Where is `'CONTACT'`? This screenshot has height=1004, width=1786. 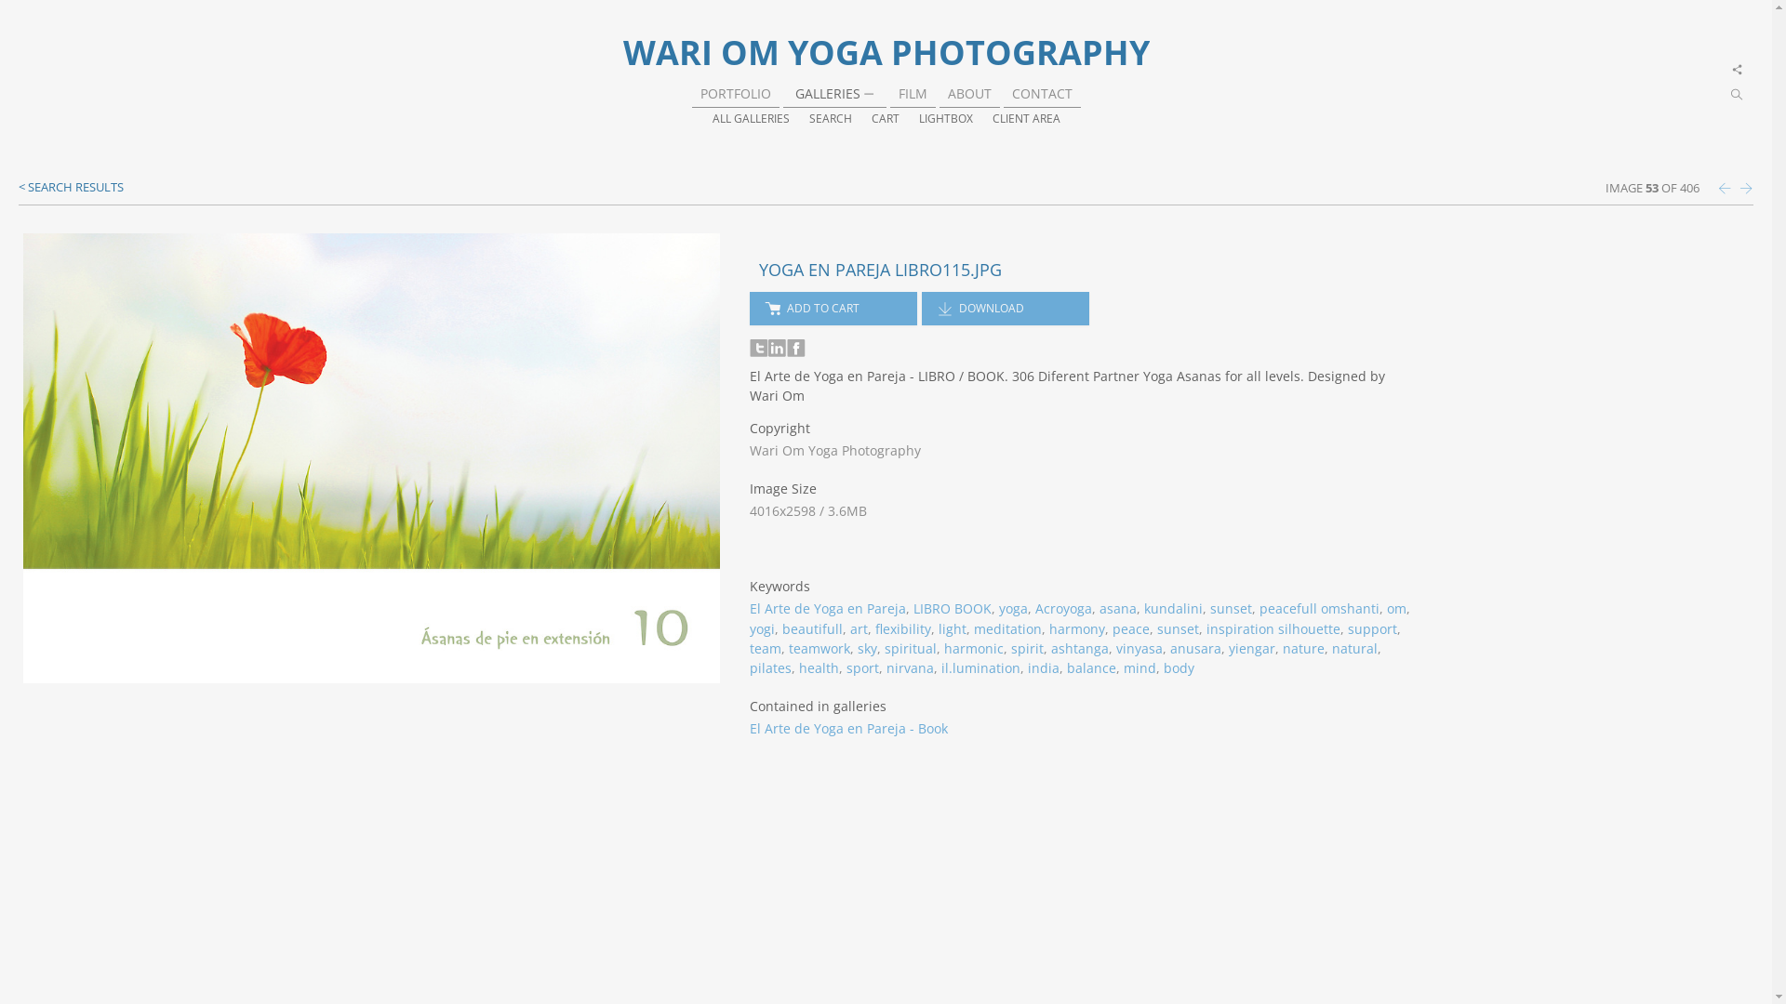 'CONTACT' is located at coordinates (1042, 93).